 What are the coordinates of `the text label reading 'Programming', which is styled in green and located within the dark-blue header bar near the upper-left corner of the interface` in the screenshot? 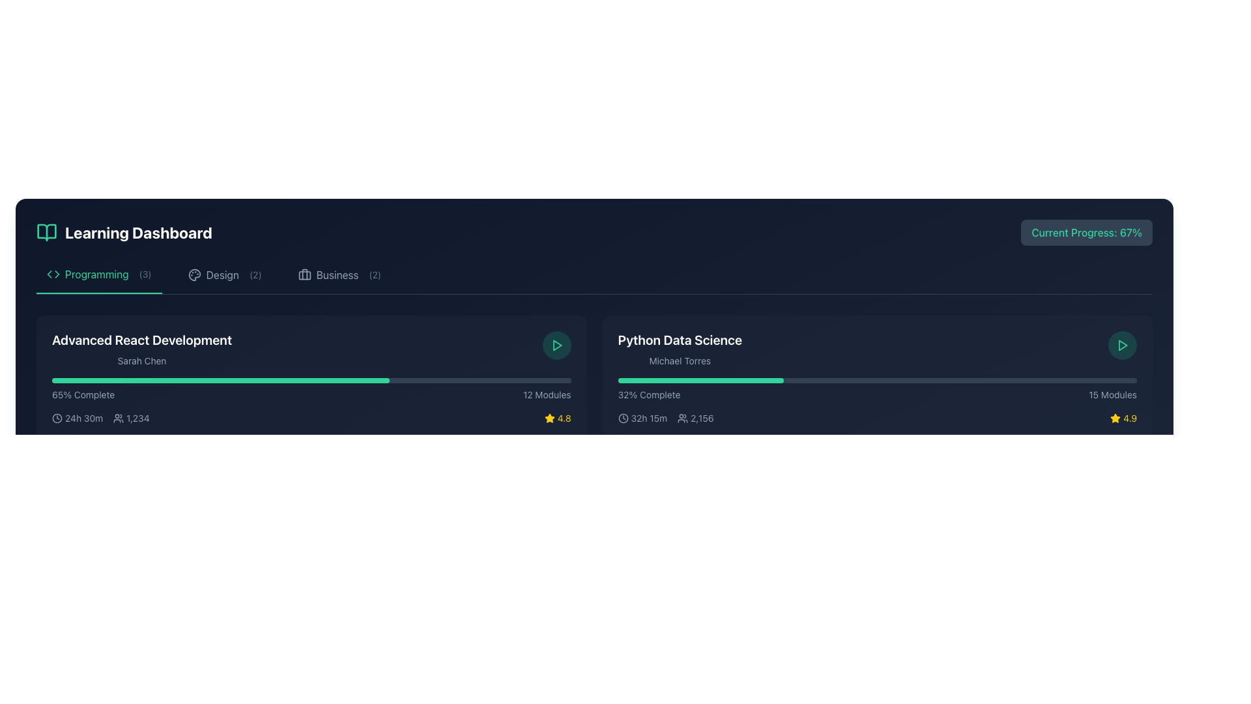 It's located at (96, 273).